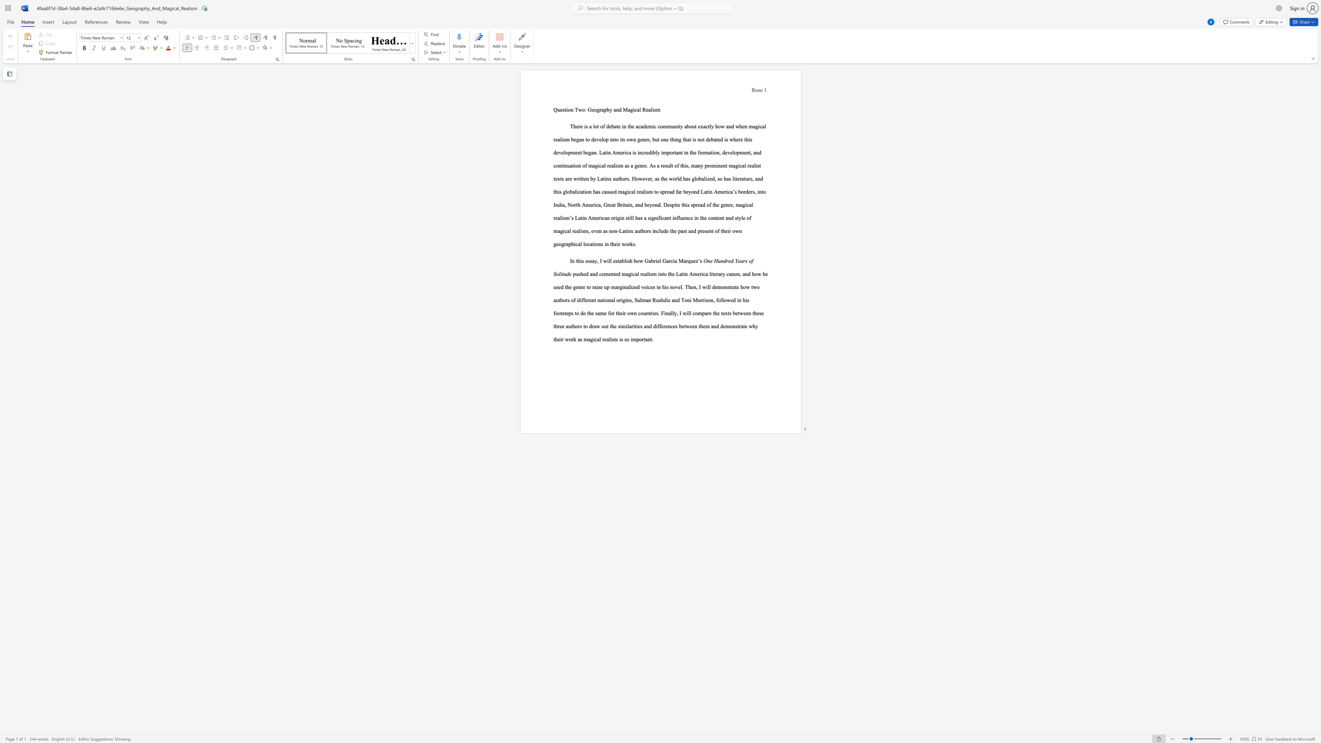  Describe the element at coordinates (625, 110) in the screenshot. I see `the 1th character "M" in the text` at that location.